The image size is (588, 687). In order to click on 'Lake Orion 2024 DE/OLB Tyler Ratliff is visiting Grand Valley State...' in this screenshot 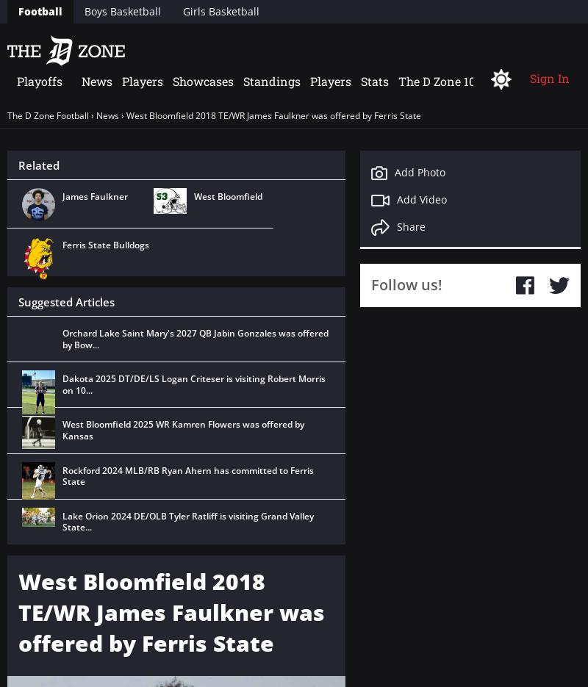, I will do `click(187, 520)`.